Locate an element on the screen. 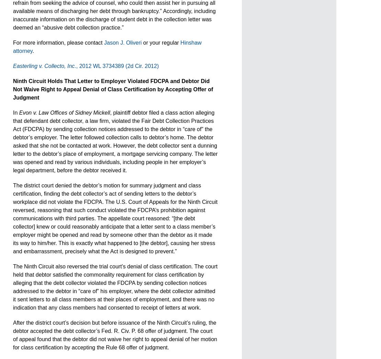 The width and height of the screenshot is (381, 359). 'The district court denied the debtor’s motion for summary judgment and class certification, finding the debt collector’s act of sending letters to the debtor’s workplace did not violate the FDCPA. The U.S. Court of Appeals for the Ninth Circuit reversed, reasoning that such conduct violated the FDCPA’s prohibition against communications with third parties. The appellate court reasoned: “[the debt collector] knew or could reasonably anticipate that a letter sent to a class member’s employer might be opened and read by someone other than the debtor as it made its way to him/her. This is exactly what happened to [the debtor], causing her stress and embarrassment, precisely what the Act is designed to prevent.”' is located at coordinates (13, 218).